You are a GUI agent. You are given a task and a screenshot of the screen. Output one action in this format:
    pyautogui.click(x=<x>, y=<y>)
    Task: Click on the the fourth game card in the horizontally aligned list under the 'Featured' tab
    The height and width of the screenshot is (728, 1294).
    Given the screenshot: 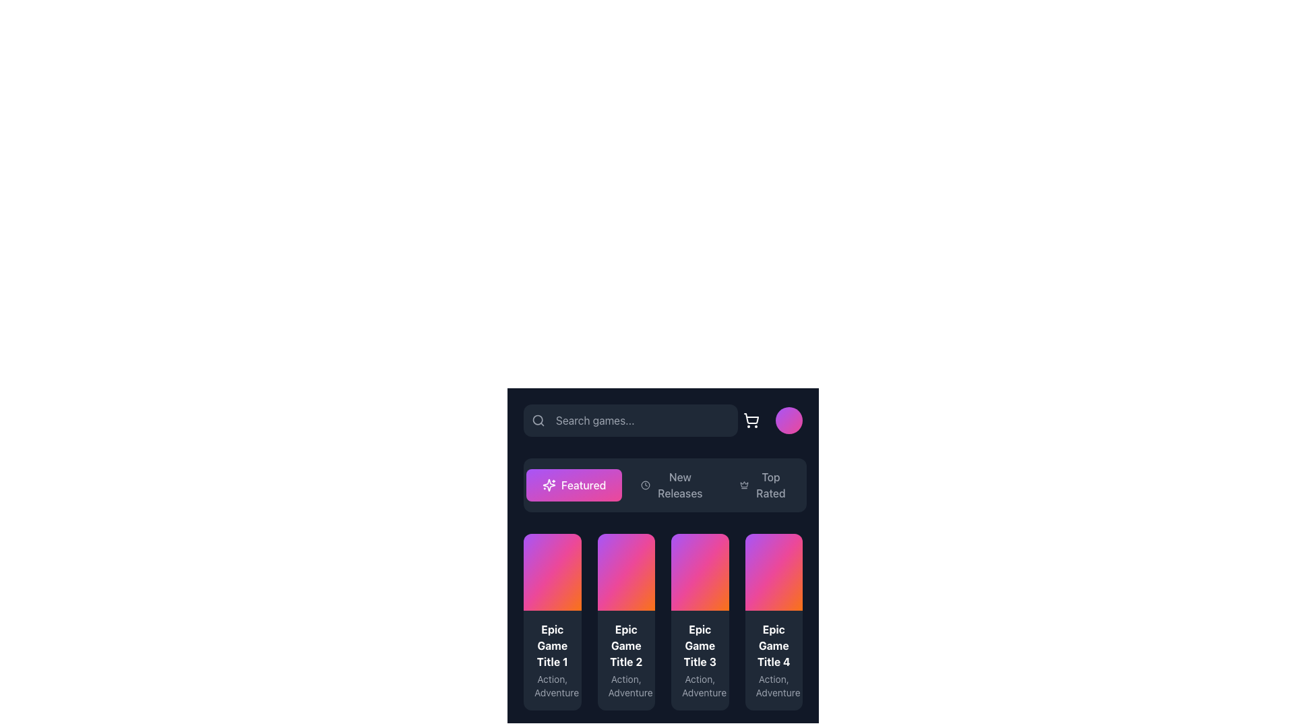 What is the action you would take?
    pyautogui.click(x=774, y=626)
    